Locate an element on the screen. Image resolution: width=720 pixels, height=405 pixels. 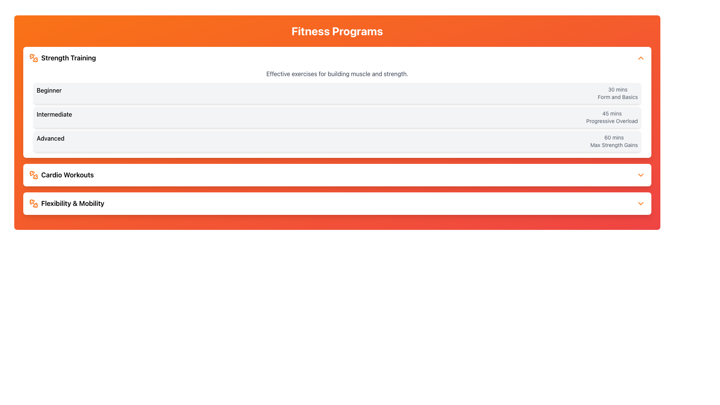
the Static Text Label that describes the training program as 'Progressive Overload', located in the 'Intermediate' row under the 'Strength Training' section, to the right of the '45 mins' label is located at coordinates (612, 121).